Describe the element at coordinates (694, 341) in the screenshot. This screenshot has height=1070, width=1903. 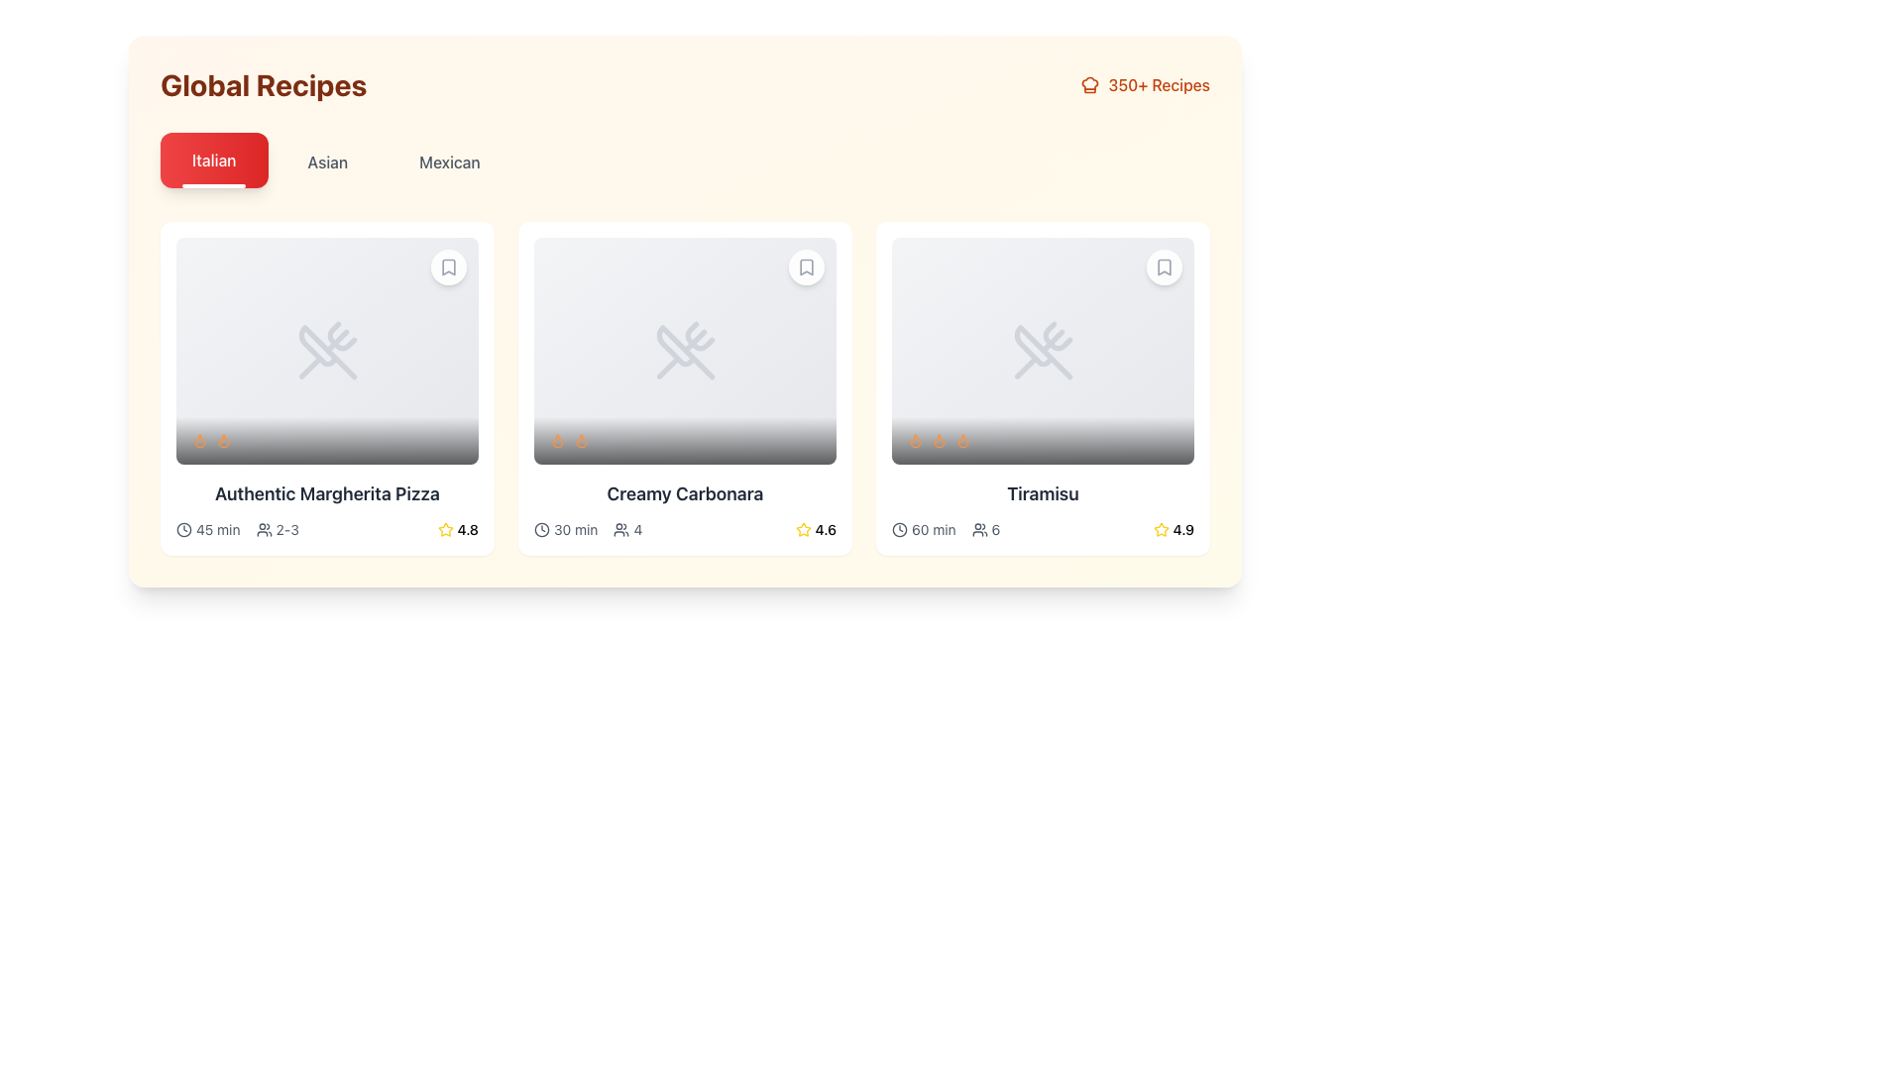
I see `the diagonal line of the crossed utensils icon within the second recipe card, which is part of the graphical representation of a fork and knife` at that location.